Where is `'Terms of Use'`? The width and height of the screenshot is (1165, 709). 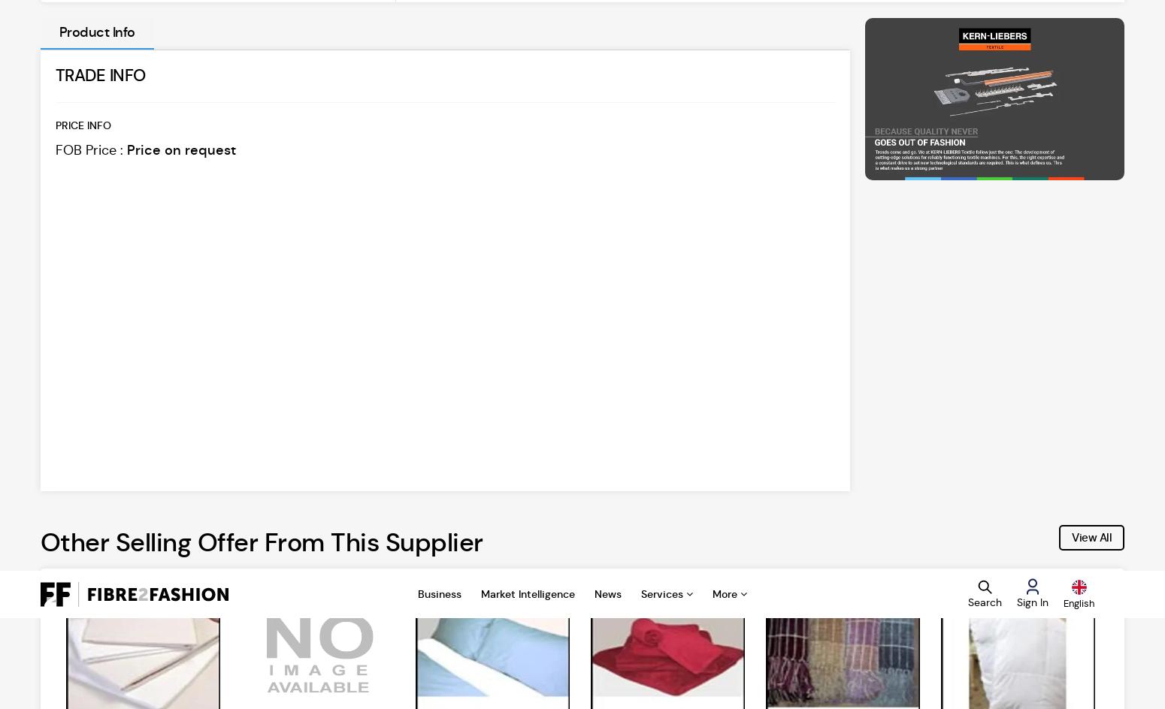 'Terms of Use' is located at coordinates (748, 306).